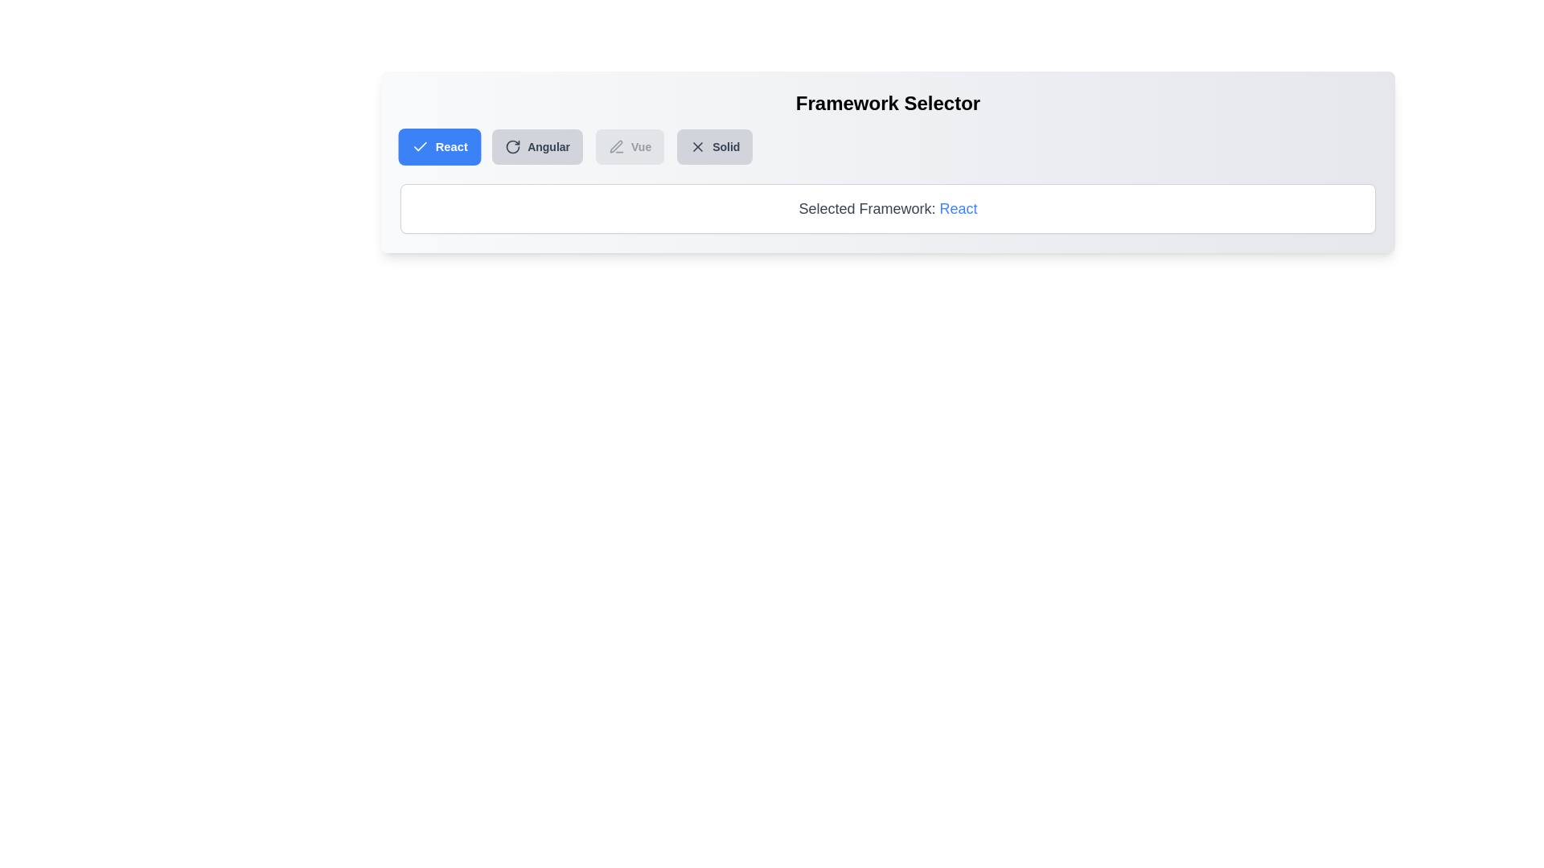 The image size is (1544, 868). What do you see at coordinates (698, 146) in the screenshot?
I see `the Icon located to the left of the 'Solid' text label within the 'Solid' button of the framework selector component` at bounding box center [698, 146].